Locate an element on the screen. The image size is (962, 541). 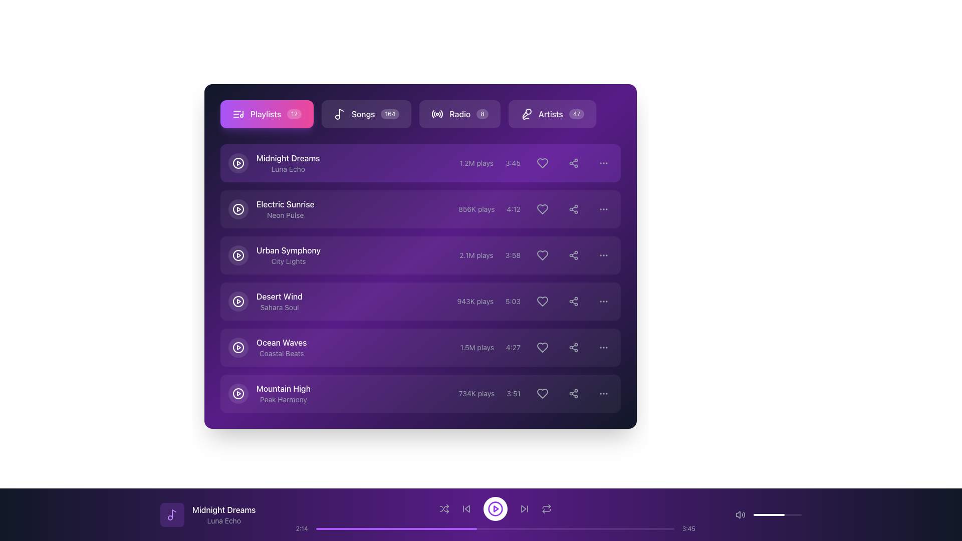
progress is located at coordinates (416, 528).